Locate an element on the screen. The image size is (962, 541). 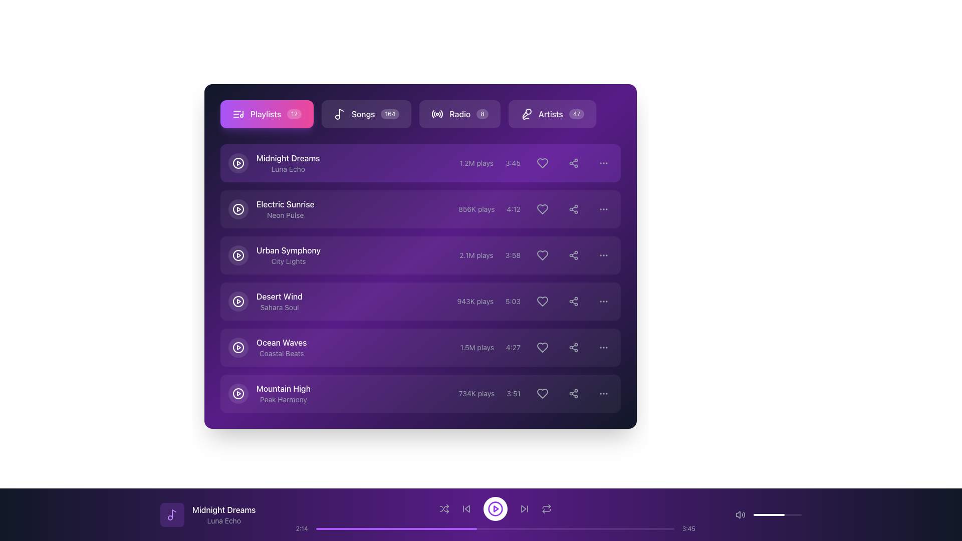
progress is located at coordinates (416, 528).